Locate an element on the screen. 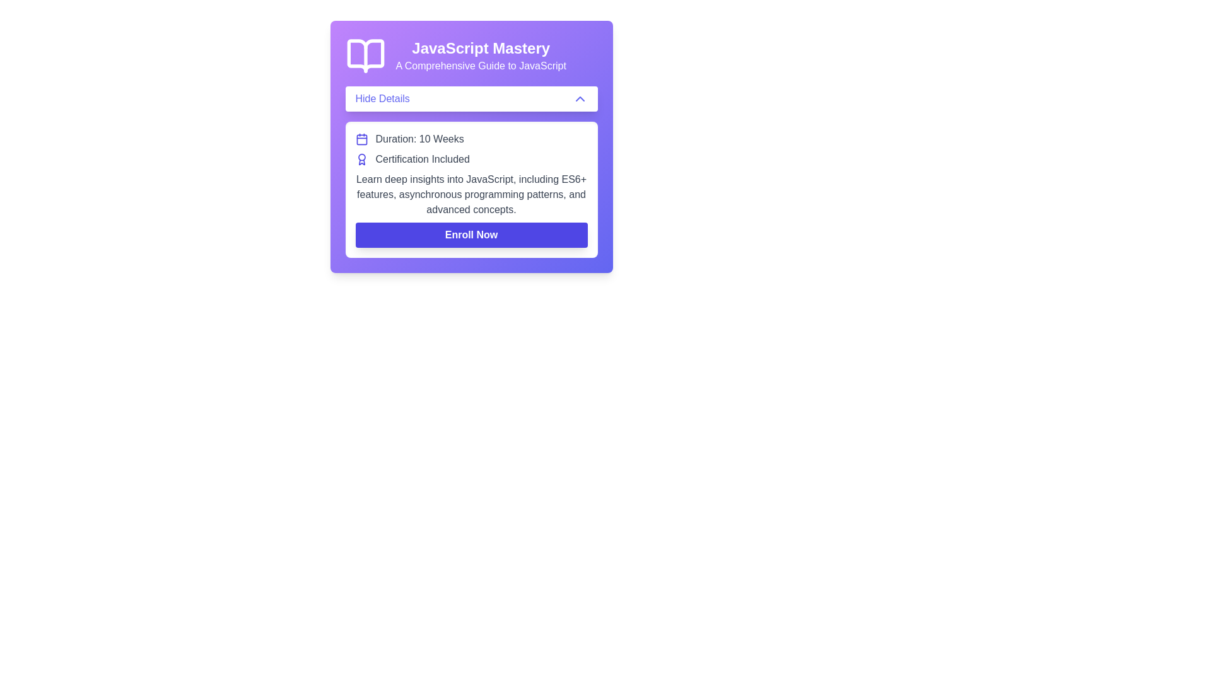  the text label displaying 'JavaScript Mastery' is located at coordinates (480, 48).